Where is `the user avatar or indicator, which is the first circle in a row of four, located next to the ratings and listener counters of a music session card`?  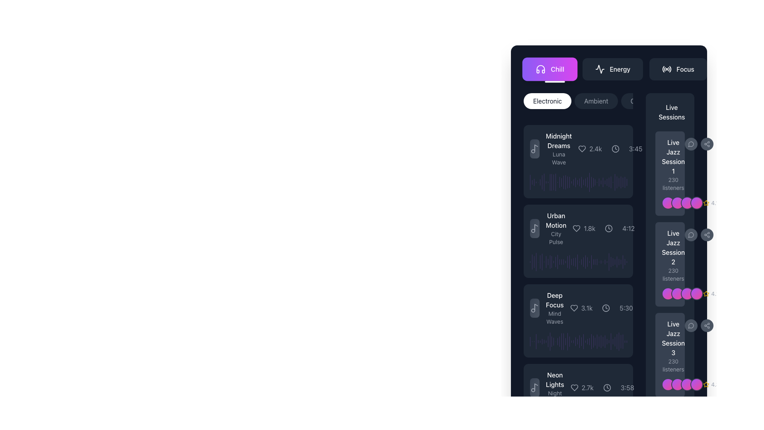
the user avatar or indicator, which is the first circle in a row of four, located next to the ratings and listener counters of a music session card is located at coordinates (668, 202).